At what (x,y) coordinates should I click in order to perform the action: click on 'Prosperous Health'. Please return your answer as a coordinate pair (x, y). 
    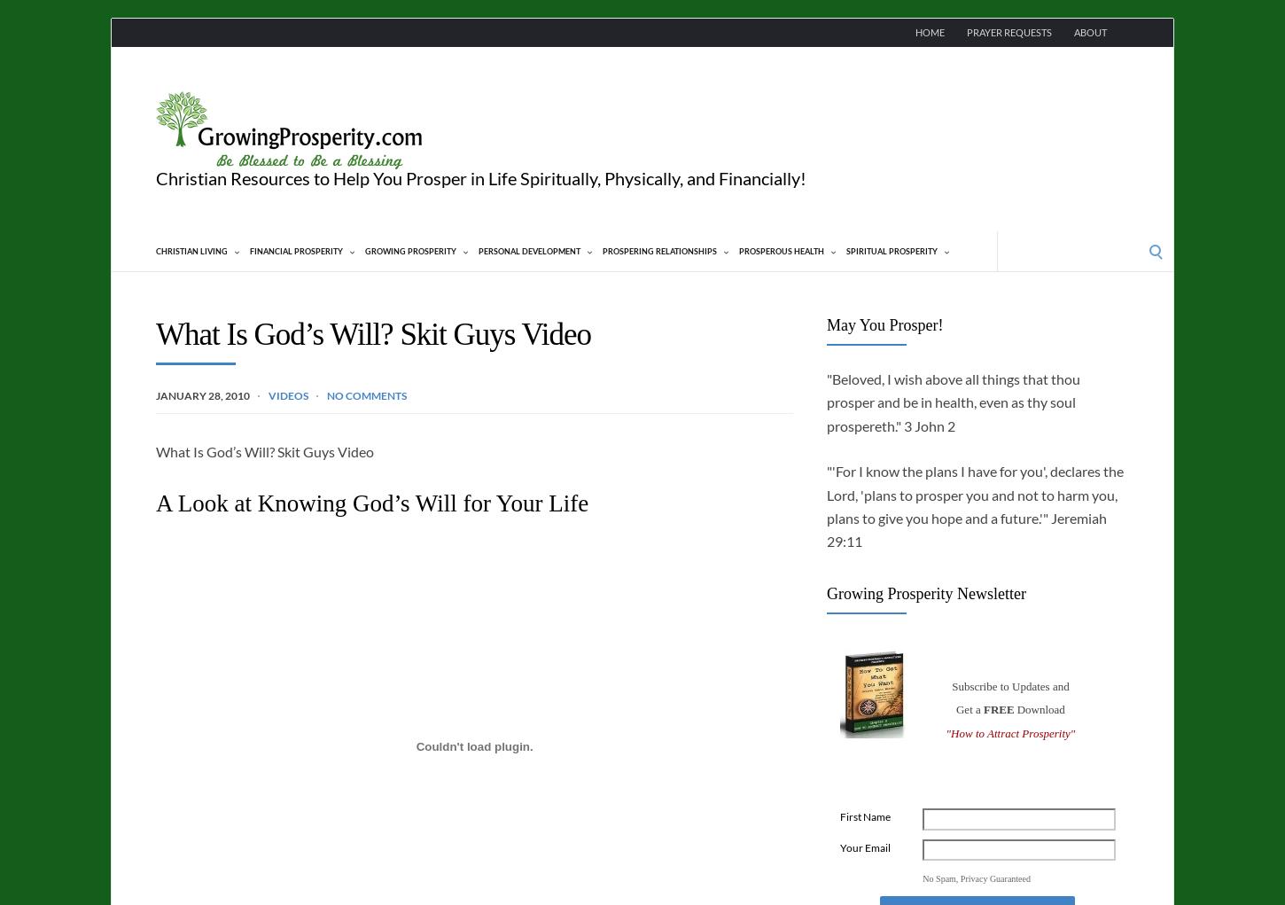
    Looking at the image, I should click on (781, 250).